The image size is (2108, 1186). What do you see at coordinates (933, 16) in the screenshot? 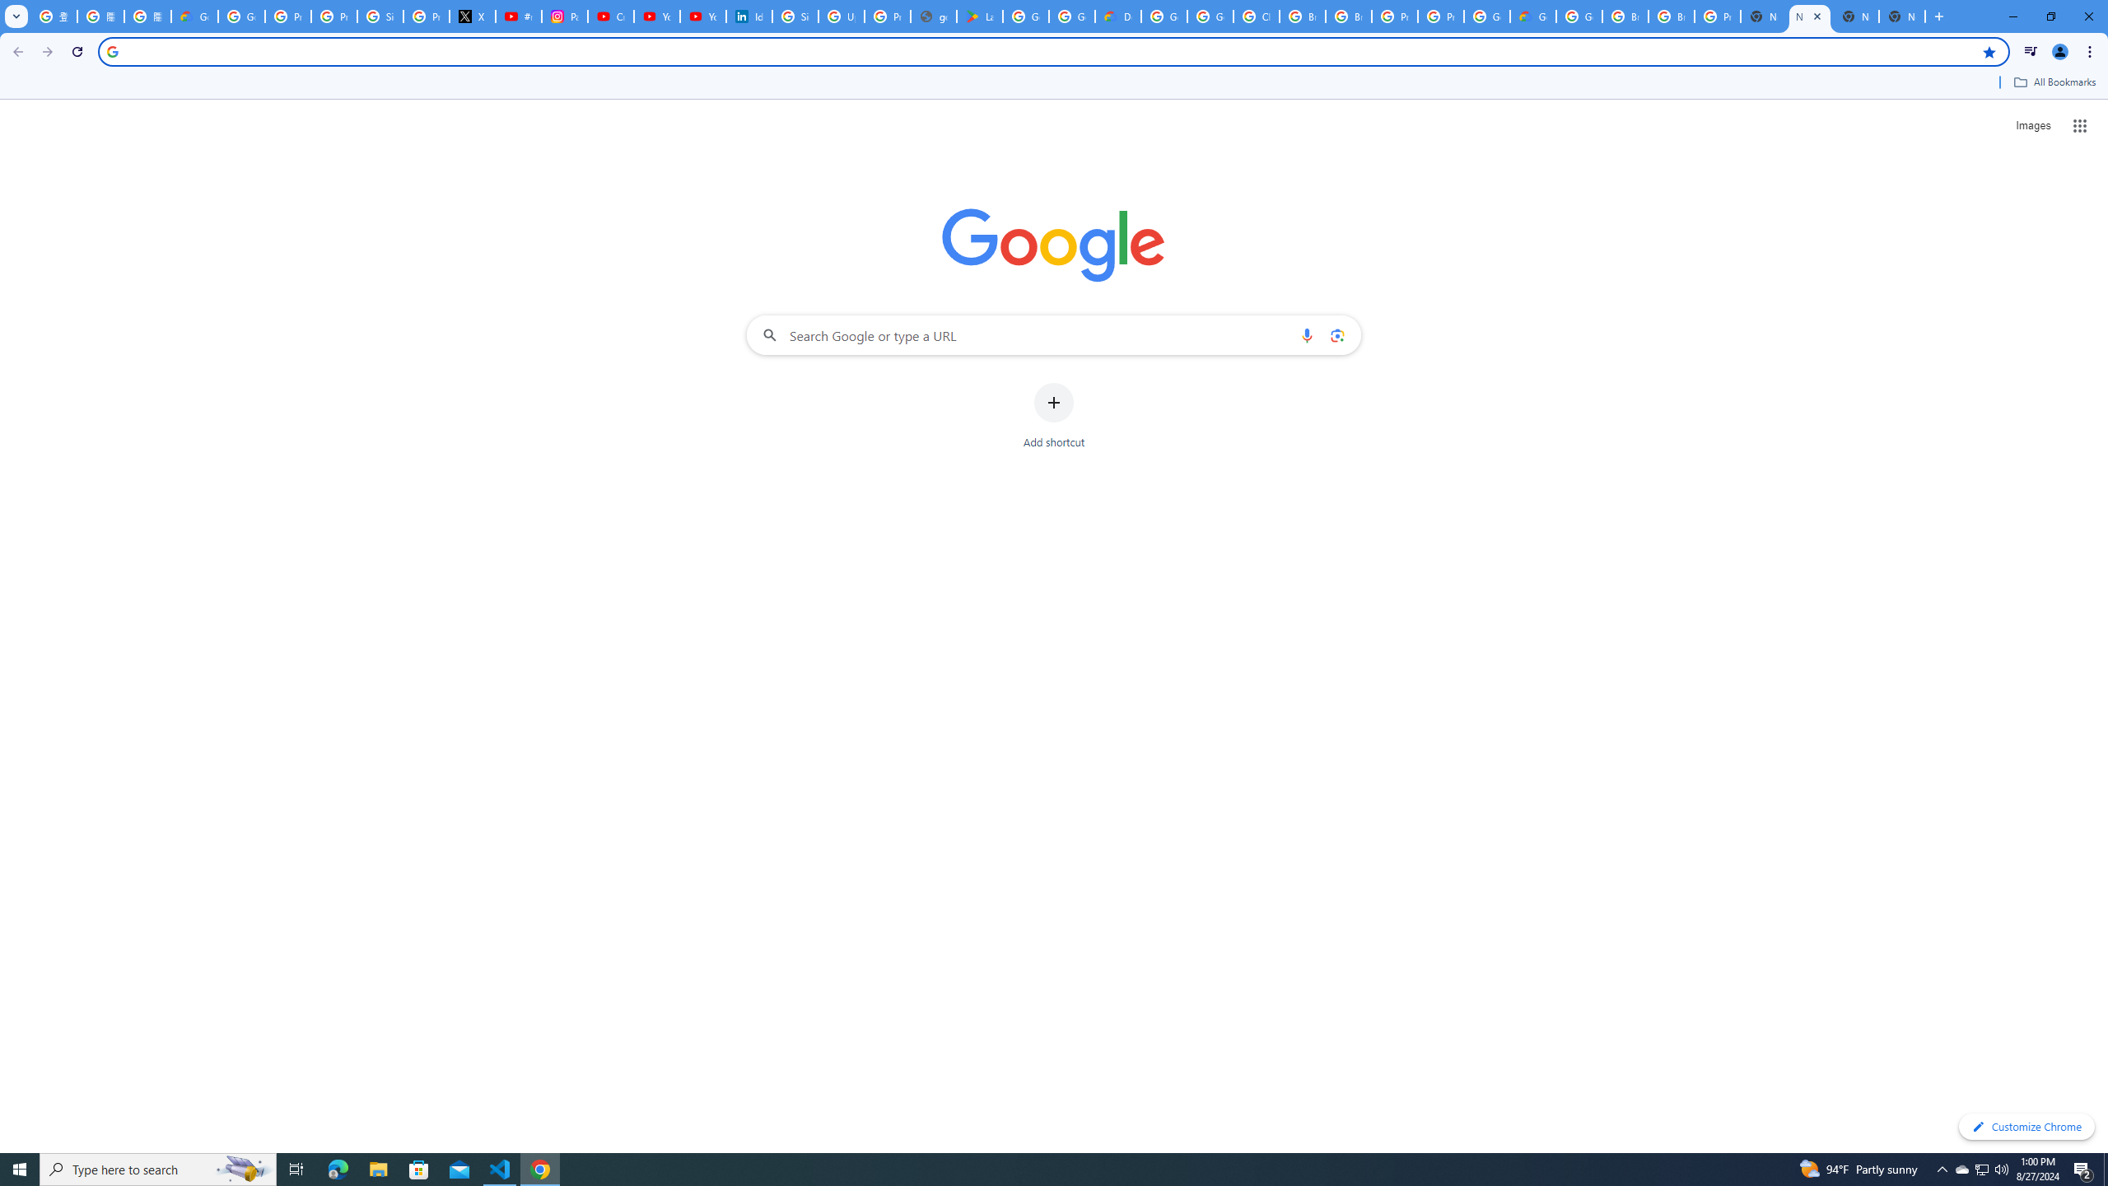
I see `'google_privacy_policy_en.pdf'` at bounding box center [933, 16].